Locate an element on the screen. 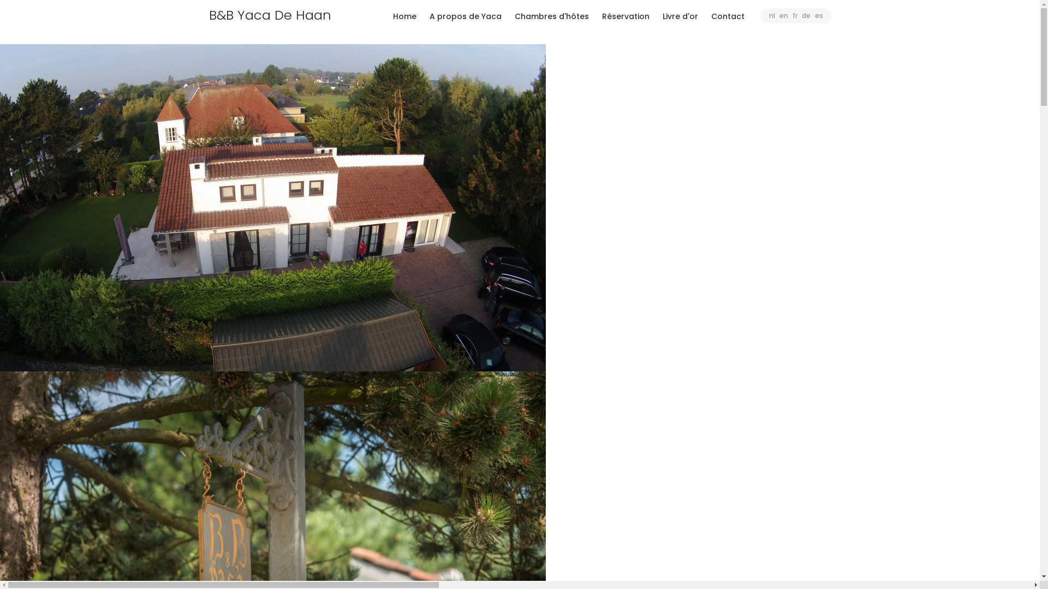  'Livre d'or' is located at coordinates (680, 16).